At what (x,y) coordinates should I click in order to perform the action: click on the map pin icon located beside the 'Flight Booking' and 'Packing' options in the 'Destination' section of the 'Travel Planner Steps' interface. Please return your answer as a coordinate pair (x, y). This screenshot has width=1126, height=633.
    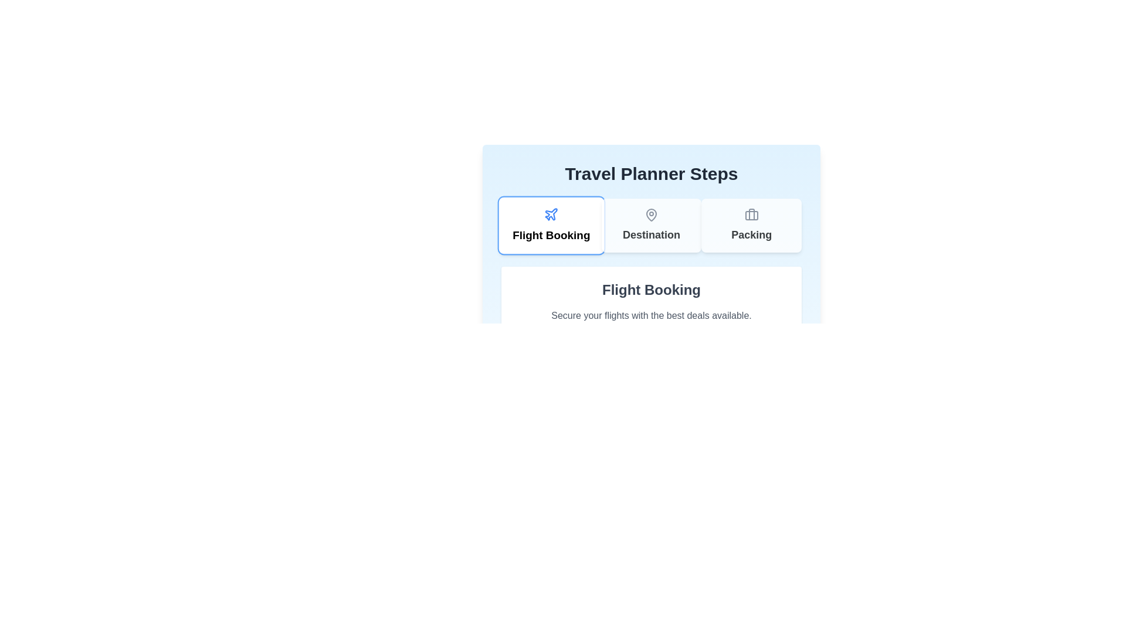
    Looking at the image, I should click on (650, 215).